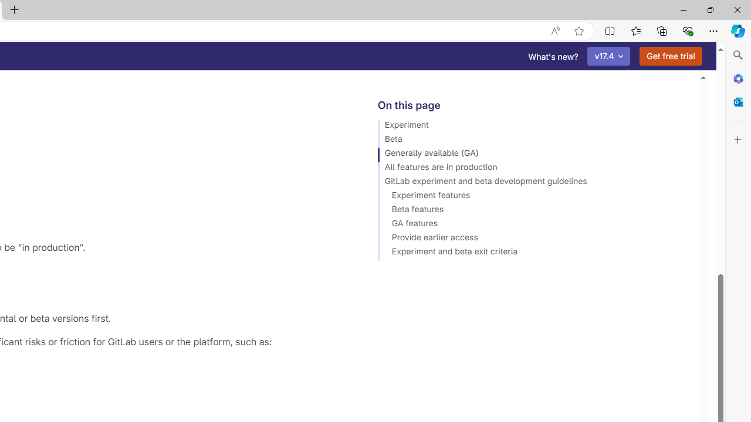  What do you see at coordinates (532, 211) in the screenshot?
I see `'Beta features'` at bounding box center [532, 211].